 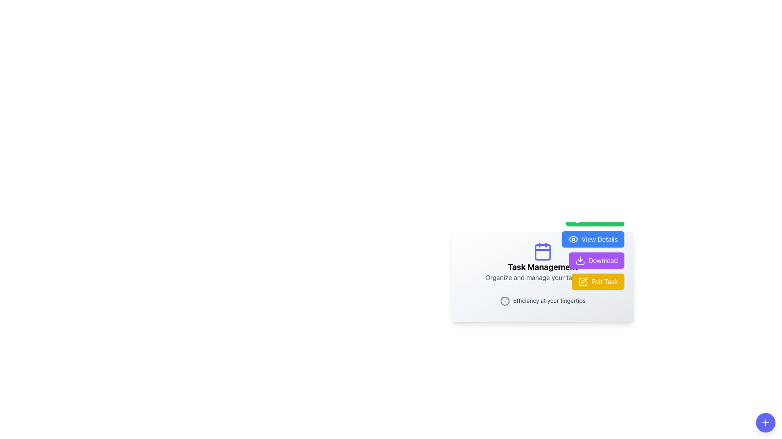 What do you see at coordinates (603, 260) in the screenshot?
I see `the 'Download' text component, which is displayed in white font on a purple rectangular background with rounded corners, located in the lower-left corner of the interface` at bounding box center [603, 260].